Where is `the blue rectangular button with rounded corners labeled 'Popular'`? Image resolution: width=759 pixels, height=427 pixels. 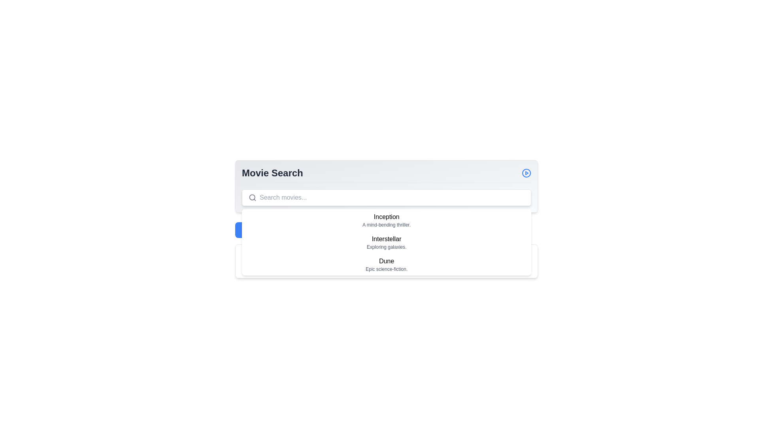
the blue rectangular button with rounded corners labeled 'Popular' is located at coordinates (252, 230).